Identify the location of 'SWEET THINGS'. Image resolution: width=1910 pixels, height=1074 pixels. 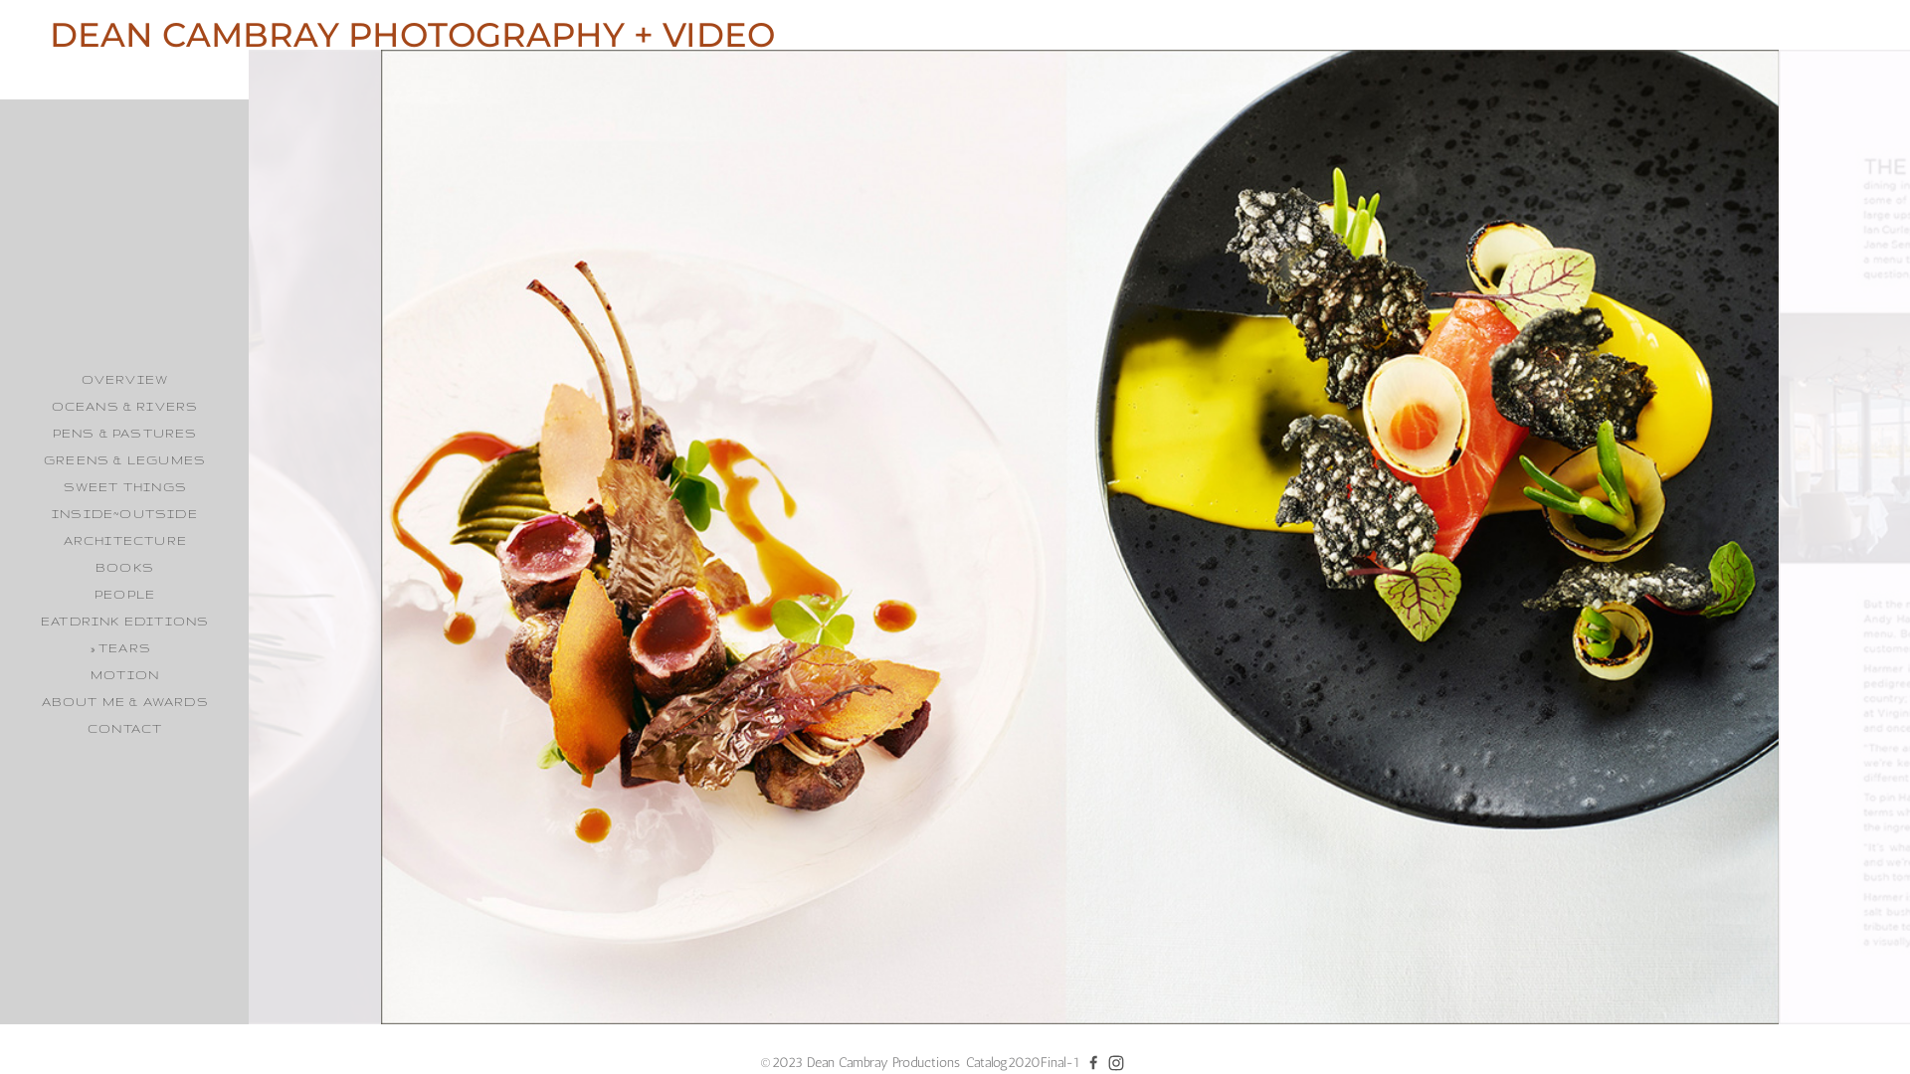
(123, 486).